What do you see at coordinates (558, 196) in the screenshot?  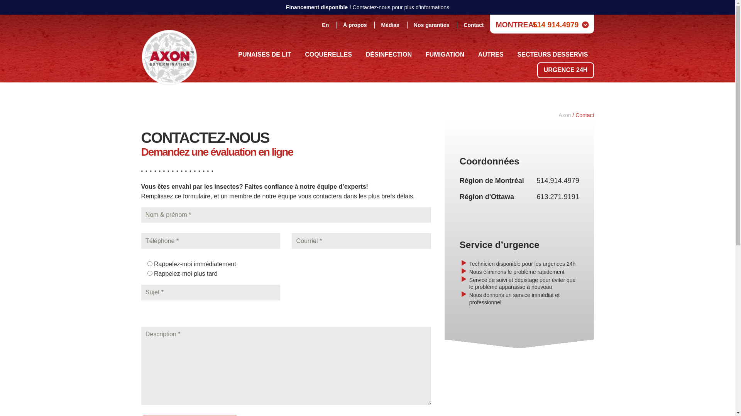 I see `'613.271.9191'` at bounding box center [558, 196].